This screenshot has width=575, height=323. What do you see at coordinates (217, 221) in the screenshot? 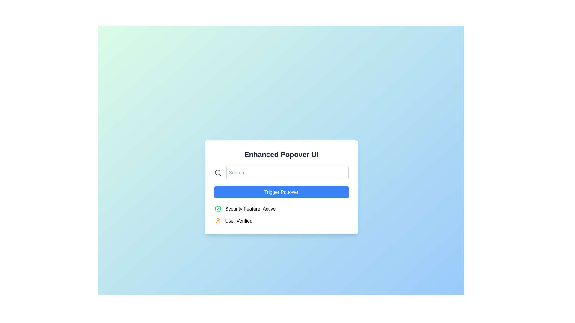
I see `the orange human silhouette icon located to the left of the 'User Verified' text` at bounding box center [217, 221].